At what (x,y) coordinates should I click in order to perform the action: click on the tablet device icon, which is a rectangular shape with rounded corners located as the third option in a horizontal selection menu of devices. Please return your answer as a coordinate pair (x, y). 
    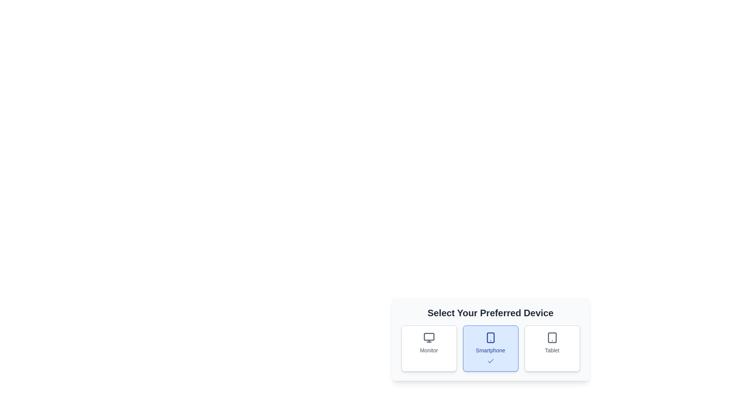
    Looking at the image, I should click on (552, 337).